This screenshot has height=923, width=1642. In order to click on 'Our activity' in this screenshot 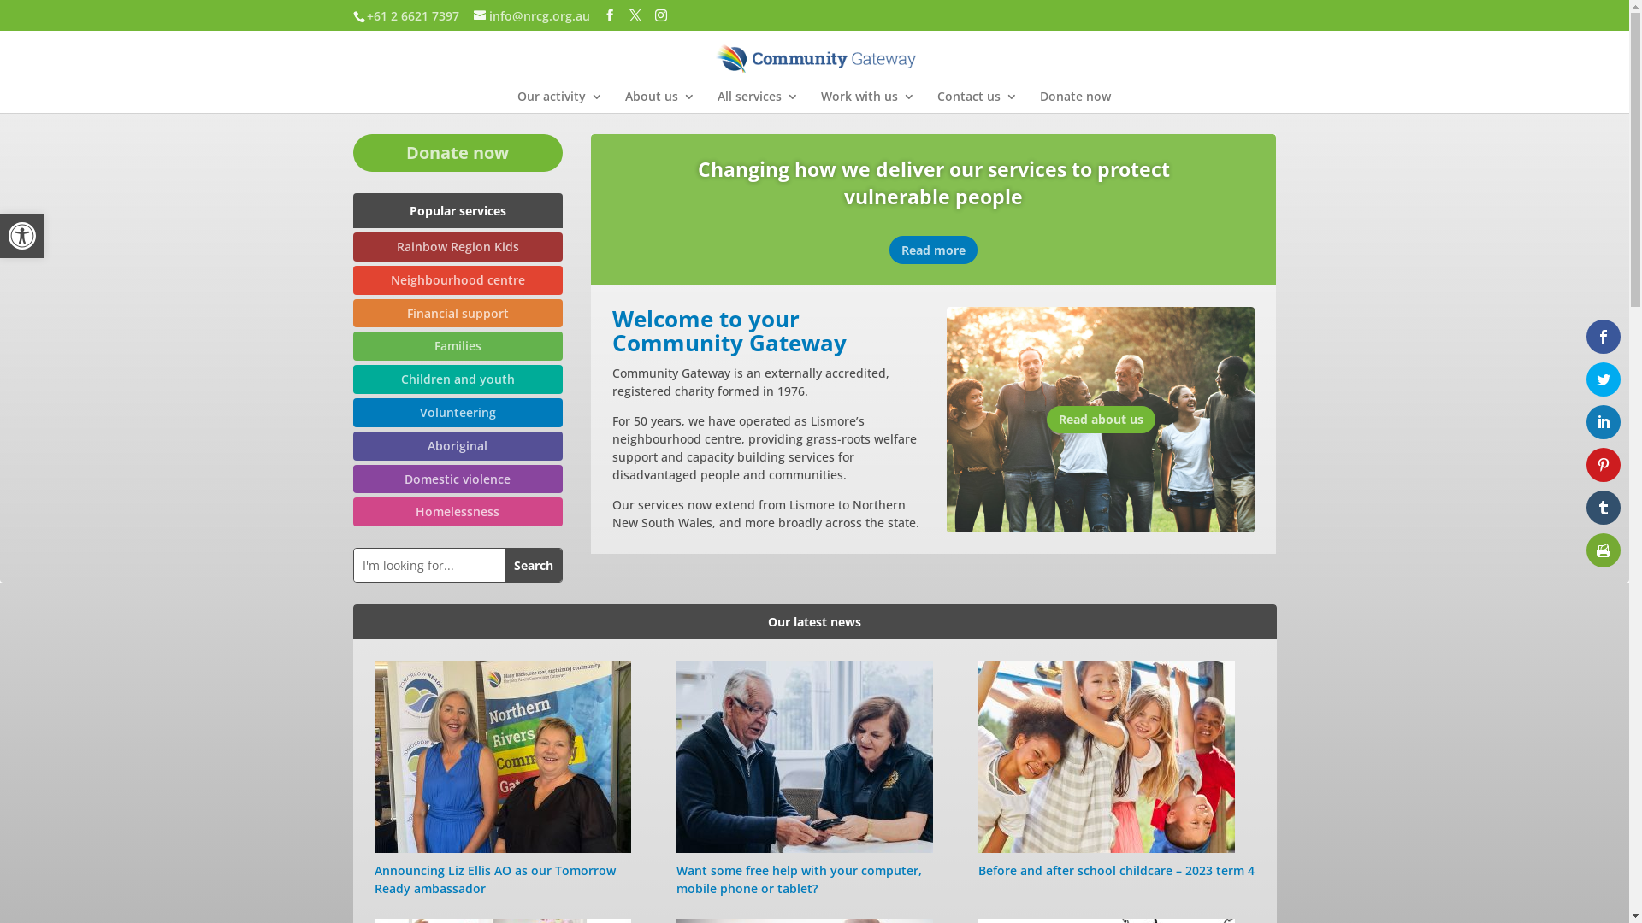, I will do `click(558, 102)`.